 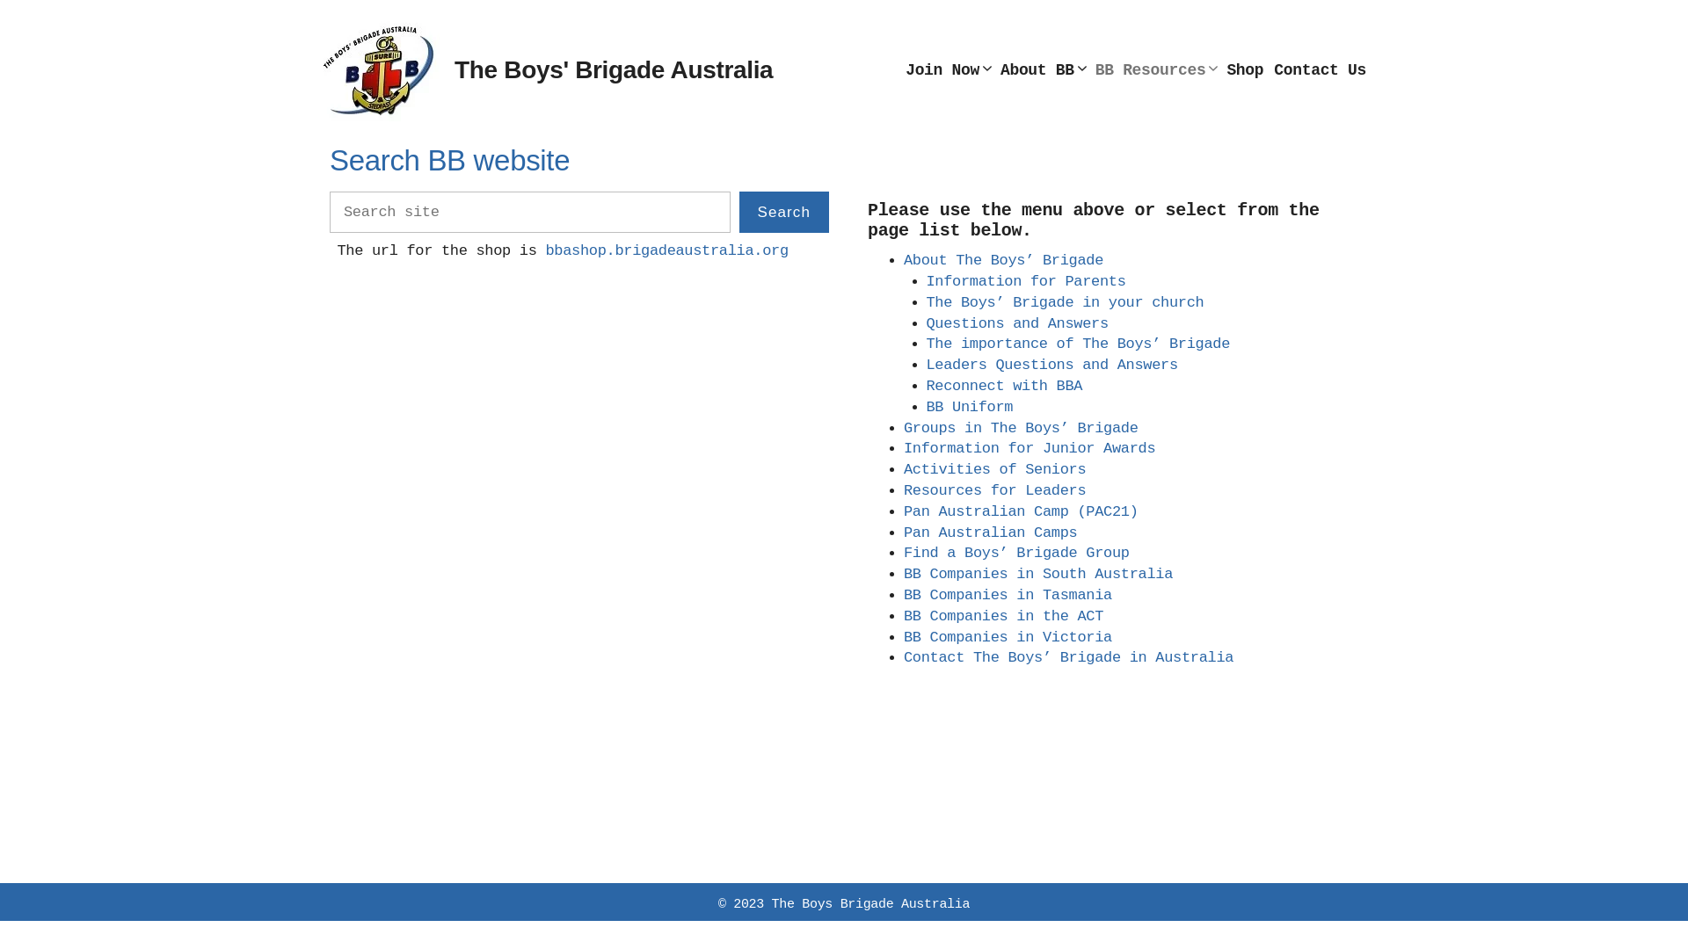 What do you see at coordinates (1037, 574) in the screenshot?
I see `'BB Companies in South Australia'` at bounding box center [1037, 574].